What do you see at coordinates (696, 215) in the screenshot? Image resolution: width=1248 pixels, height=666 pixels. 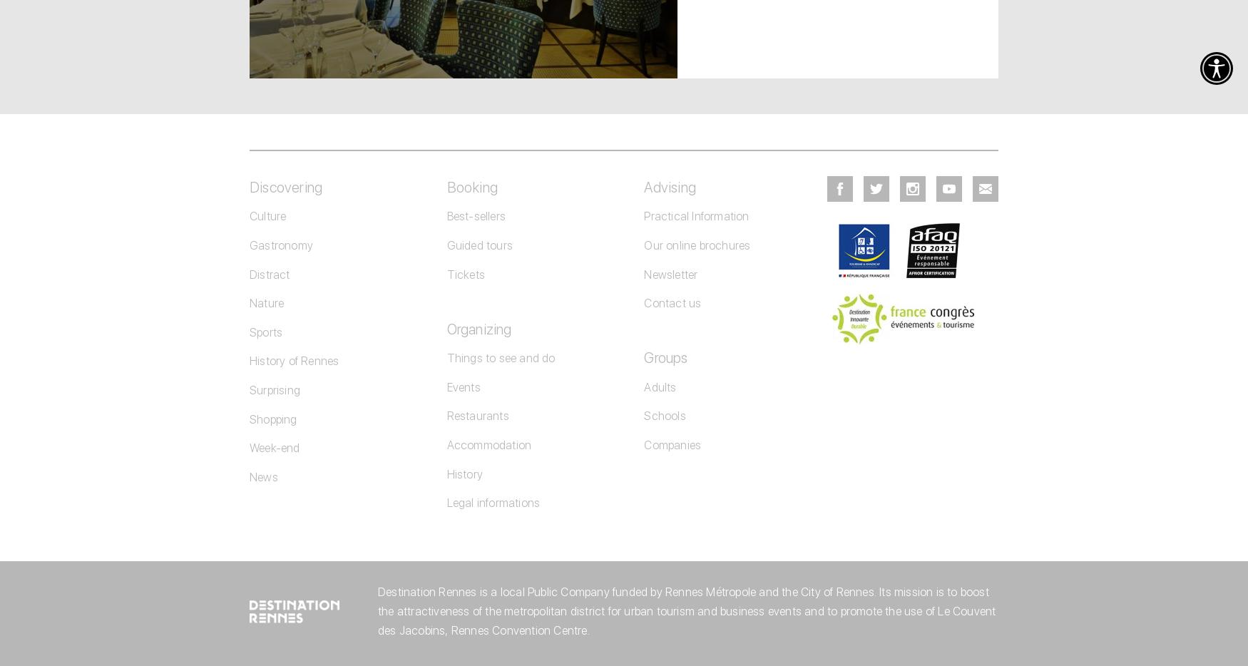 I see `'Practical Information'` at bounding box center [696, 215].